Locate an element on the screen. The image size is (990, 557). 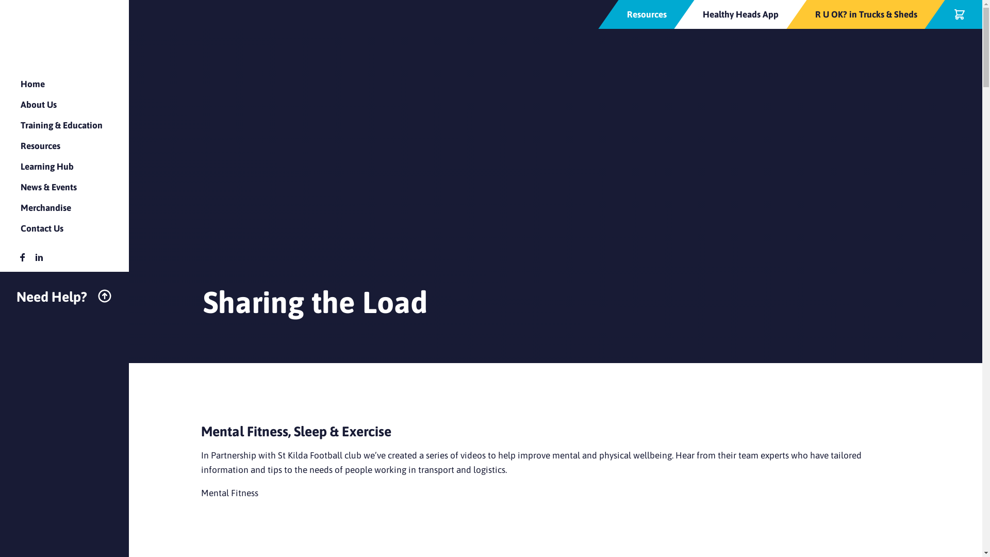
'About Us' is located at coordinates (39, 105).